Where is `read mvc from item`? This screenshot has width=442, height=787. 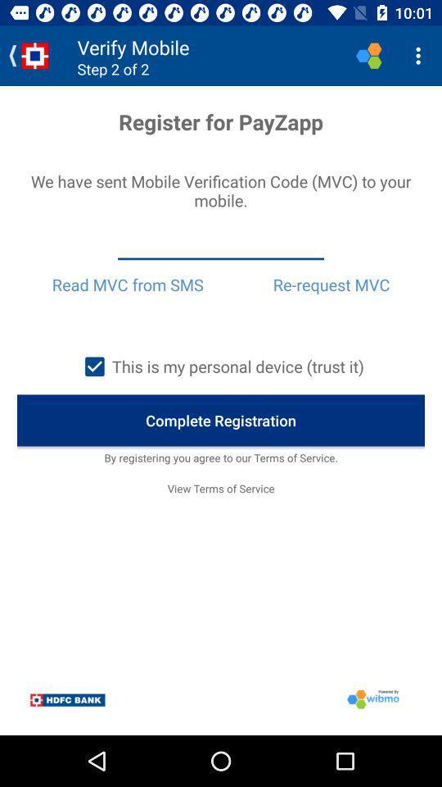 read mvc from item is located at coordinates (127, 284).